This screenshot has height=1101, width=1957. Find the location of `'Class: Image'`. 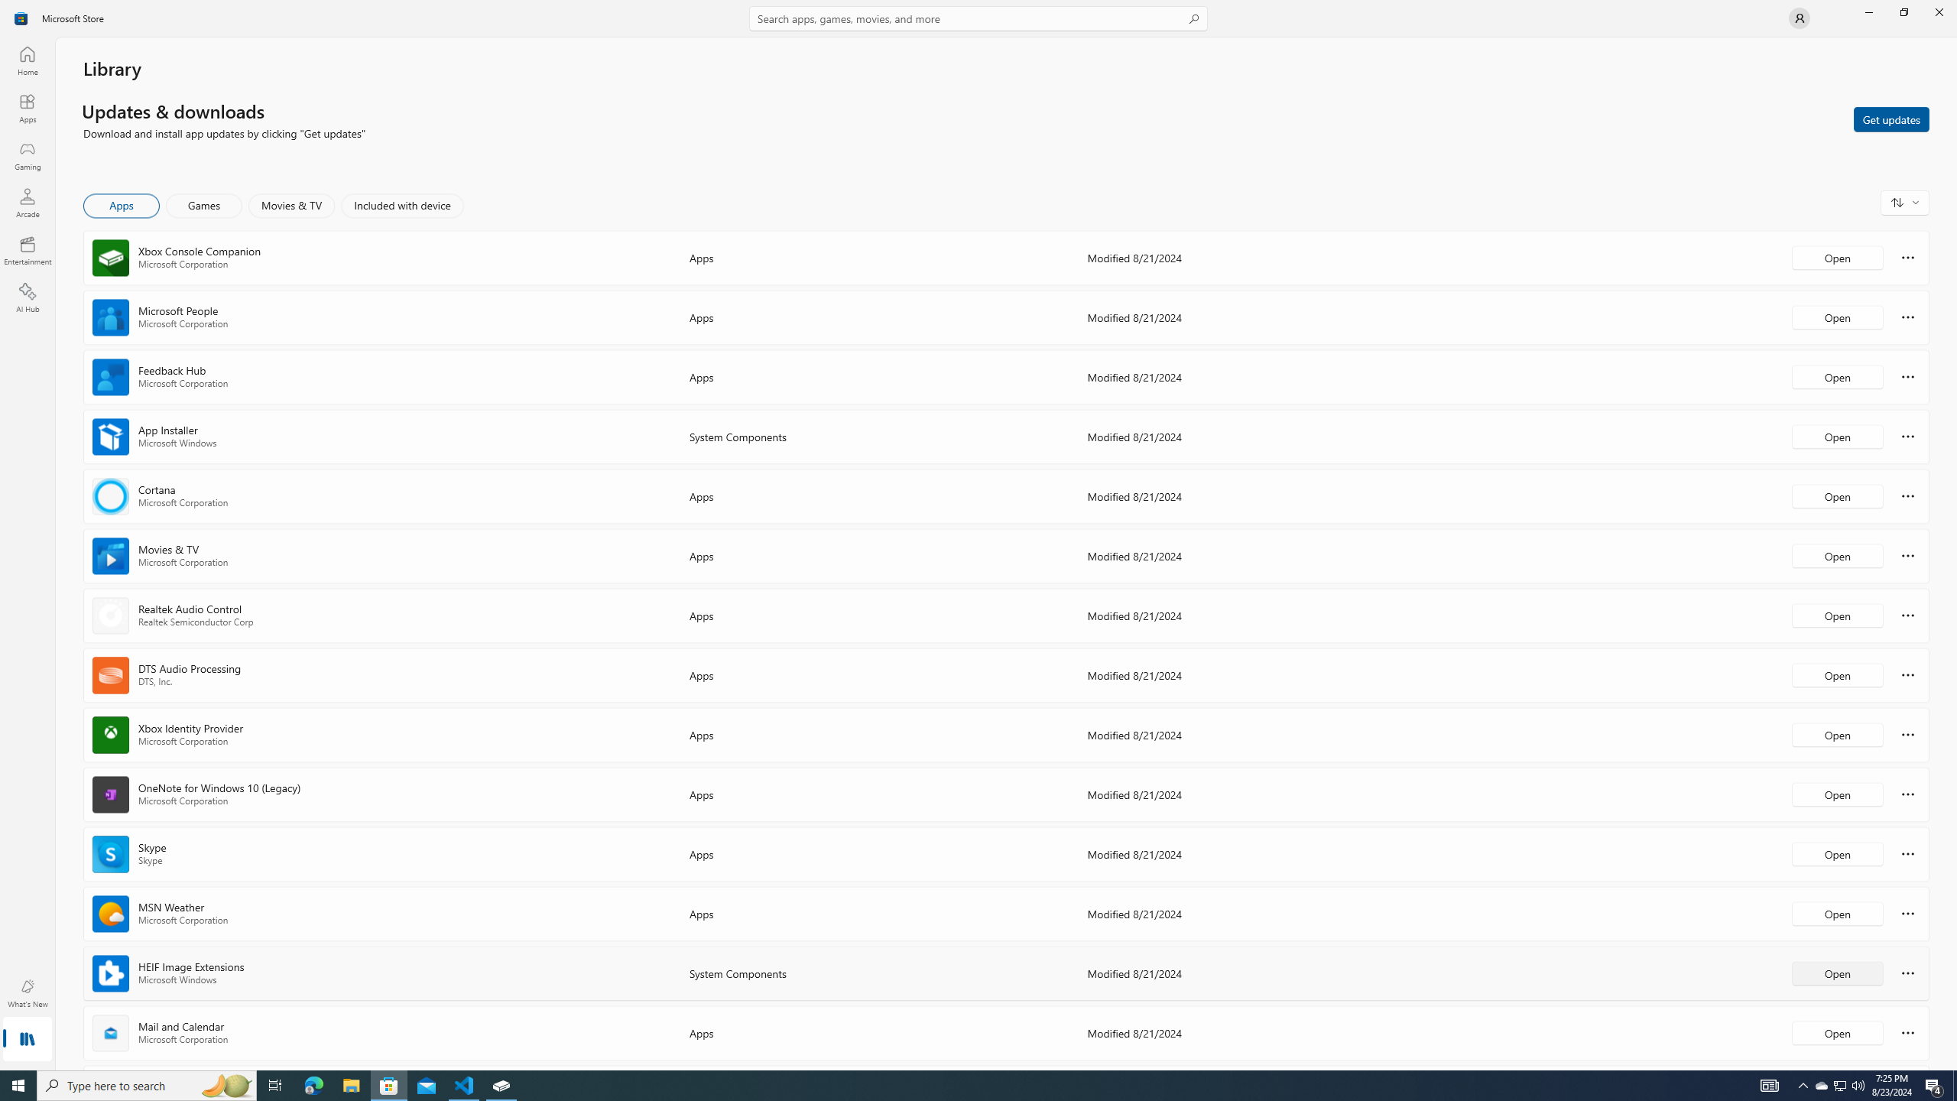

'Class: Image' is located at coordinates (21, 17).